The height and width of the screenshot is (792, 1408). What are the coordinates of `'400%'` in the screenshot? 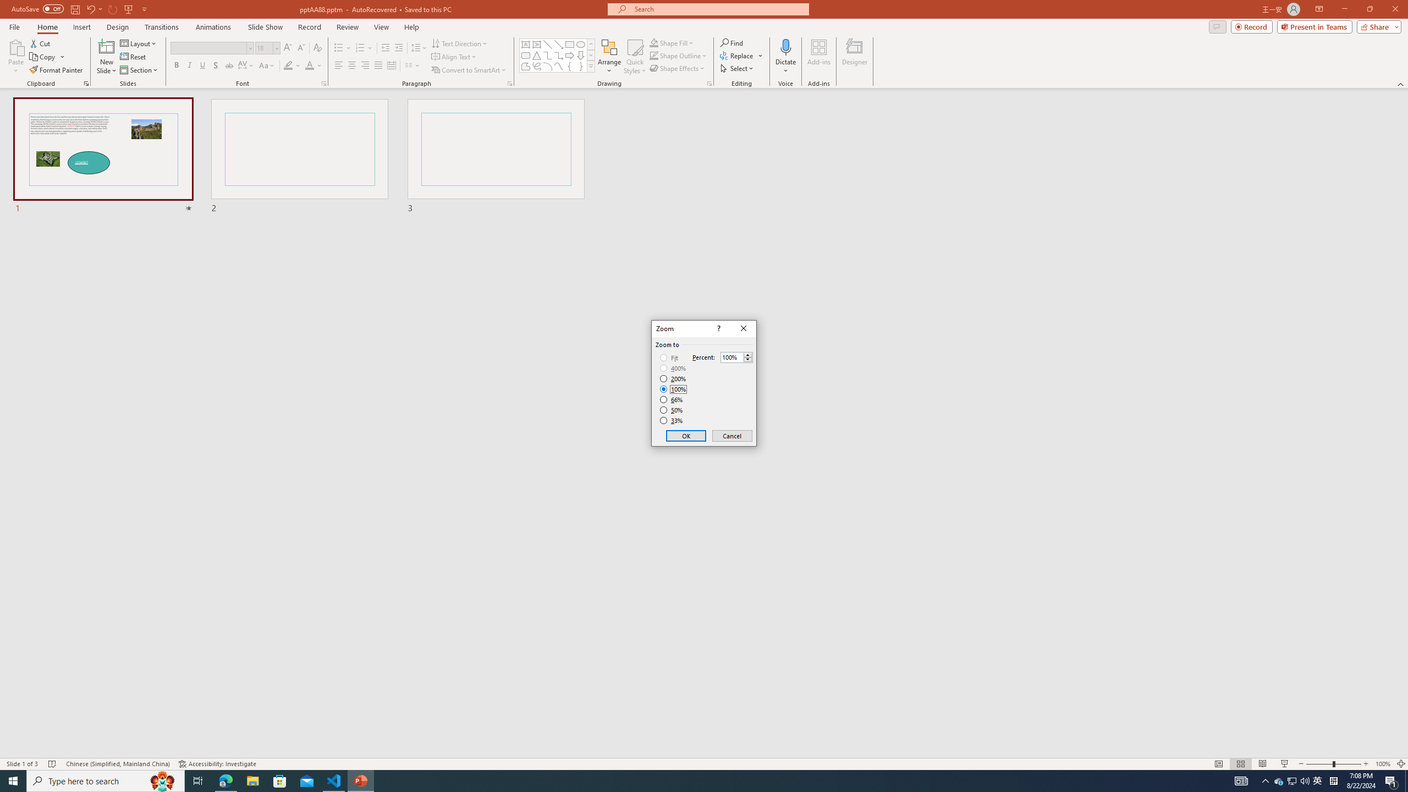 It's located at (673, 369).